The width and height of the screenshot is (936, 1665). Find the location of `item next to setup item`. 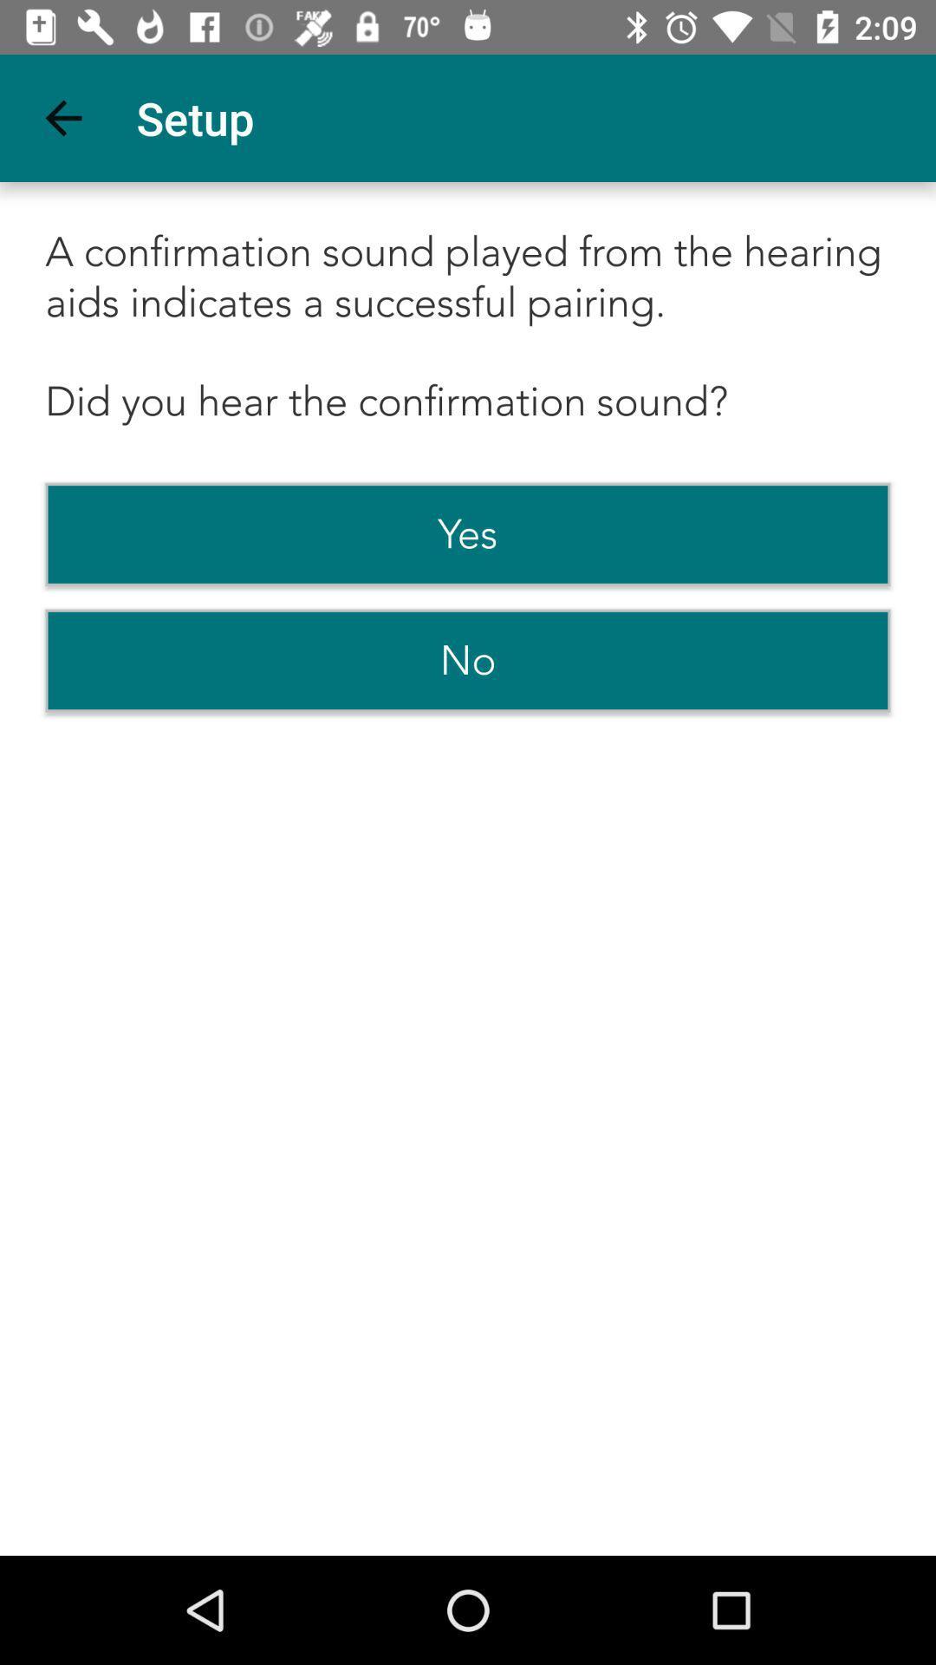

item next to setup item is located at coordinates (62, 117).